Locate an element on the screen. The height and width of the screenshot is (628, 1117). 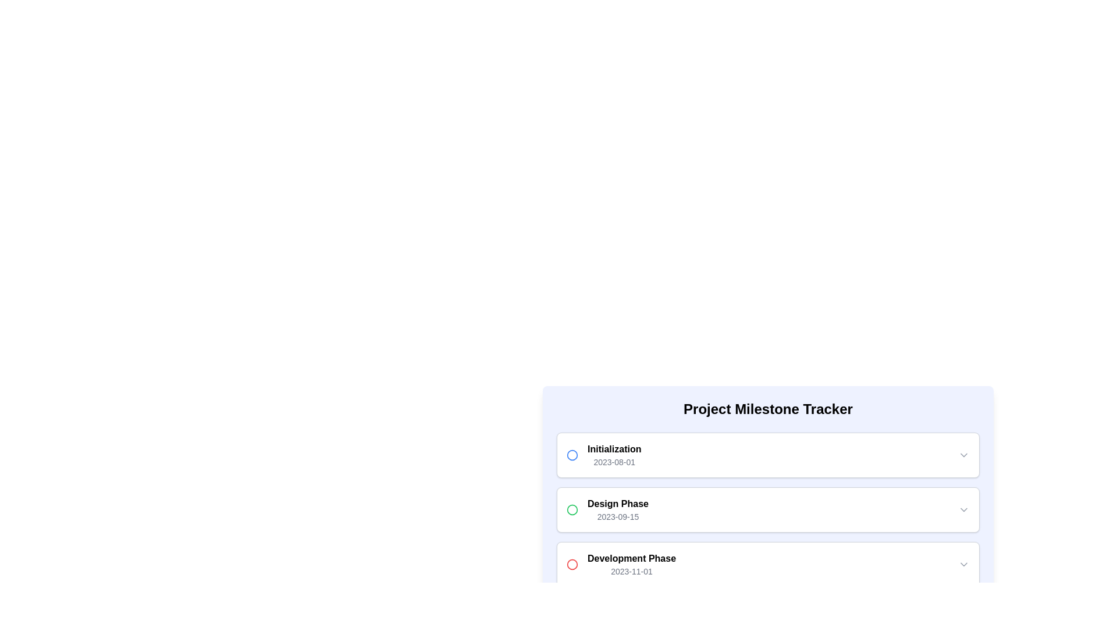
the first list item representing the milestone or phase for 'Initialization' in the Project Milestone Tracker is located at coordinates (768, 455).